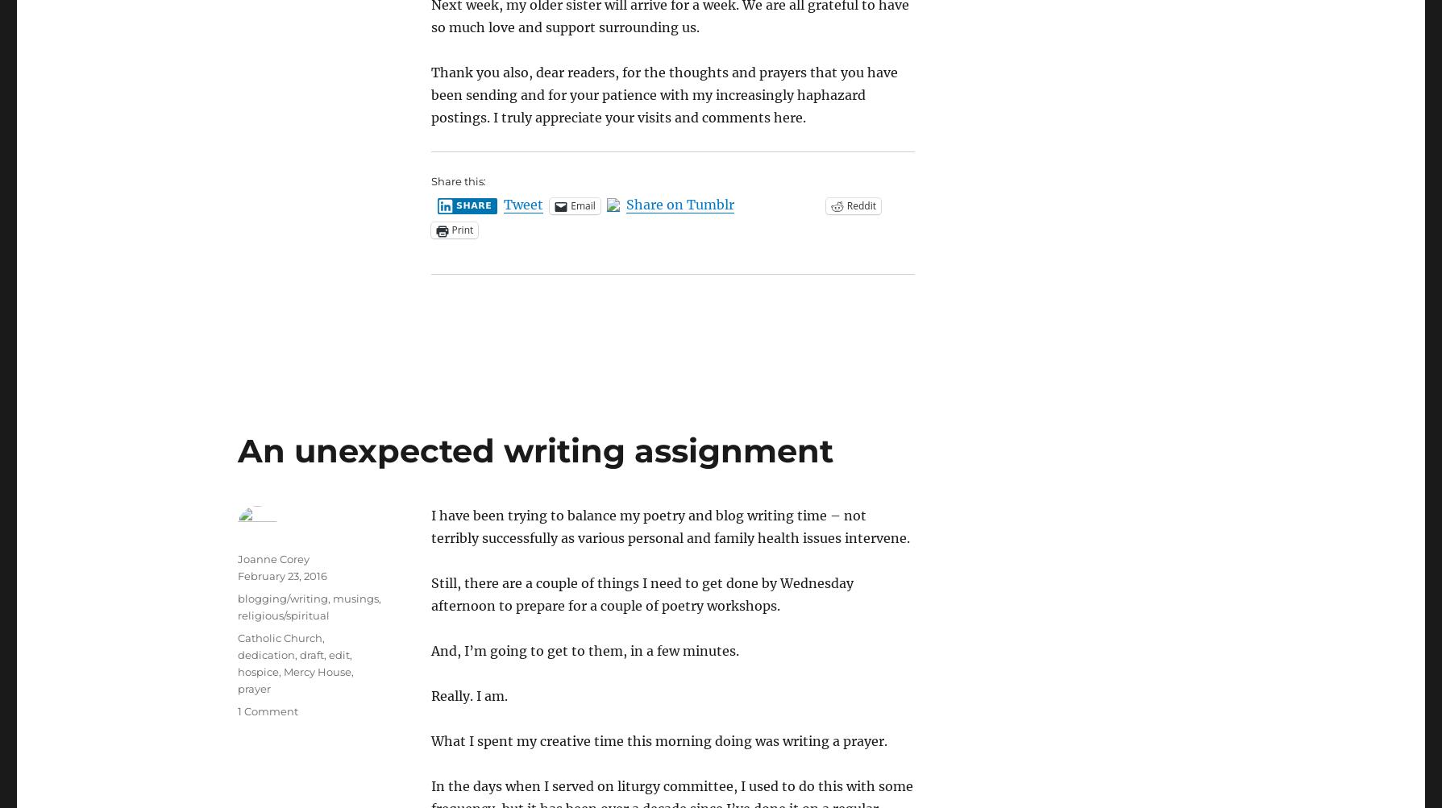 The height and width of the screenshot is (808, 1442). What do you see at coordinates (236, 613) in the screenshot?
I see `'religious/spiritual'` at bounding box center [236, 613].